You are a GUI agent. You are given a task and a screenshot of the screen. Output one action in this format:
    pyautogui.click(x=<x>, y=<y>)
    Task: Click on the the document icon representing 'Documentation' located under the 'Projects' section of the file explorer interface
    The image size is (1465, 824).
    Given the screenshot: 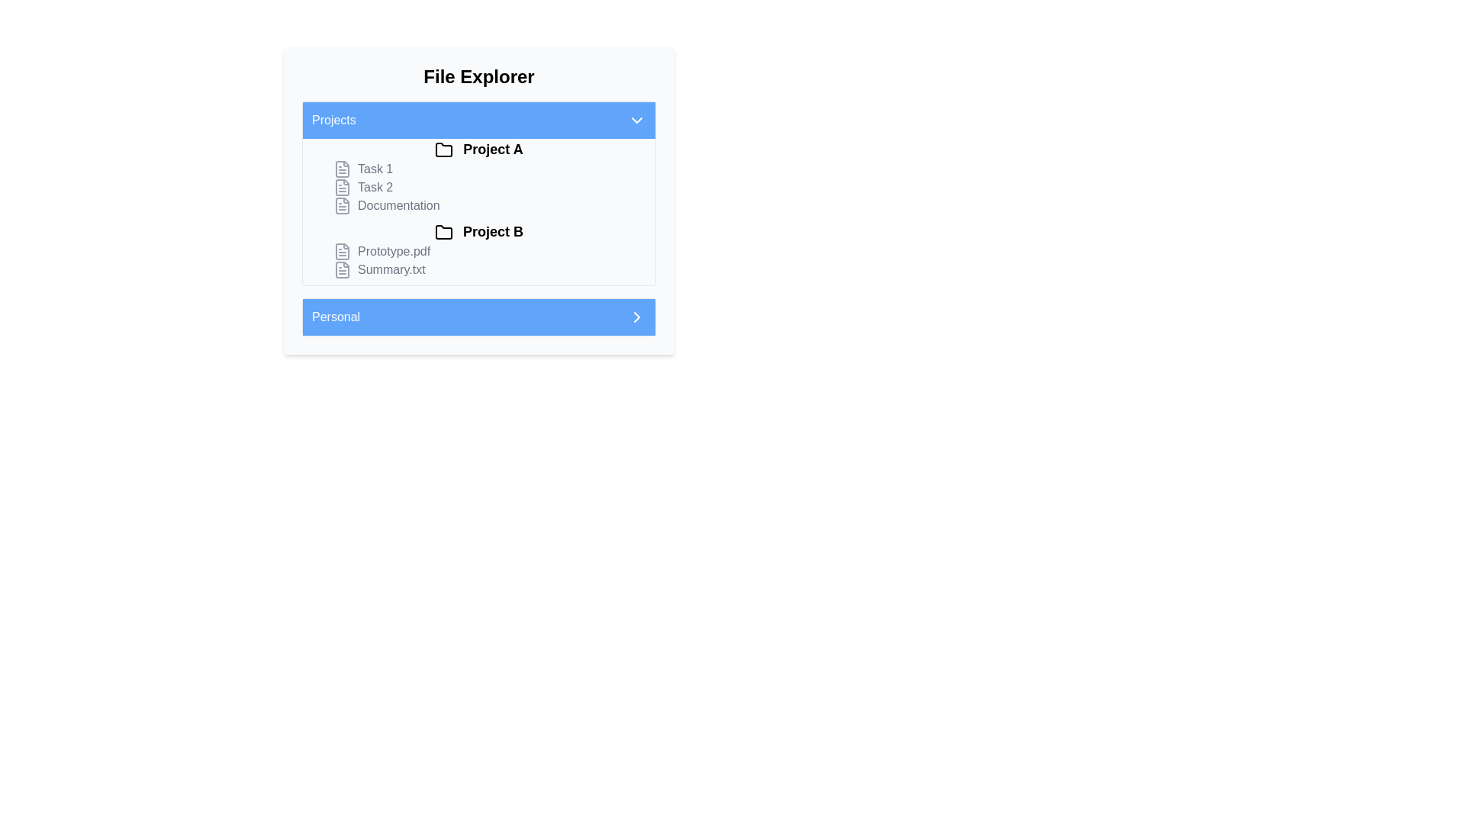 What is the action you would take?
    pyautogui.click(x=342, y=206)
    